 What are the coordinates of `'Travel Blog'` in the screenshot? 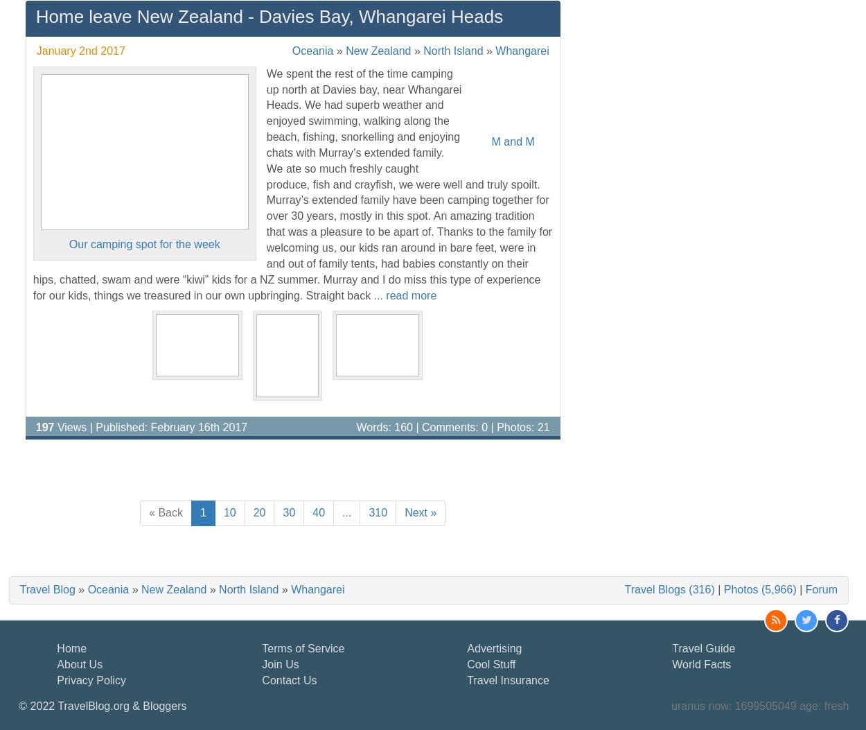 It's located at (46, 589).